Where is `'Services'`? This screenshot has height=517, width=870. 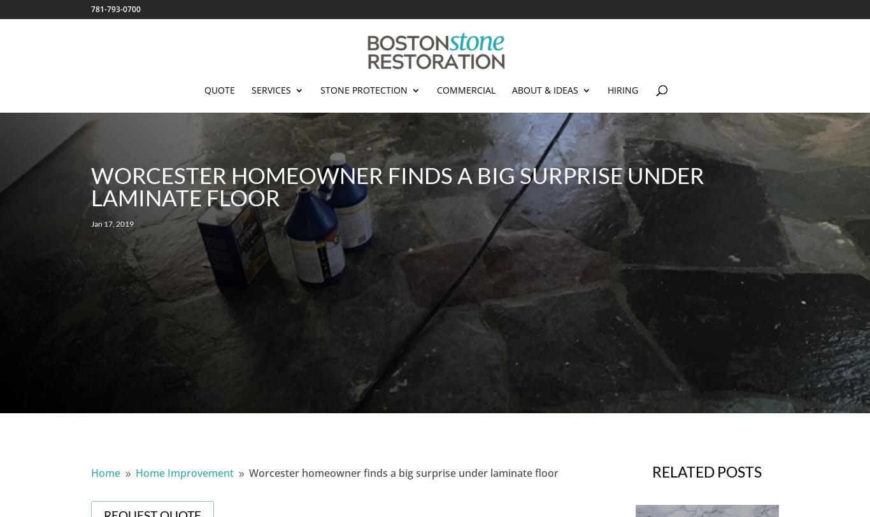
'Services' is located at coordinates (250, 90).